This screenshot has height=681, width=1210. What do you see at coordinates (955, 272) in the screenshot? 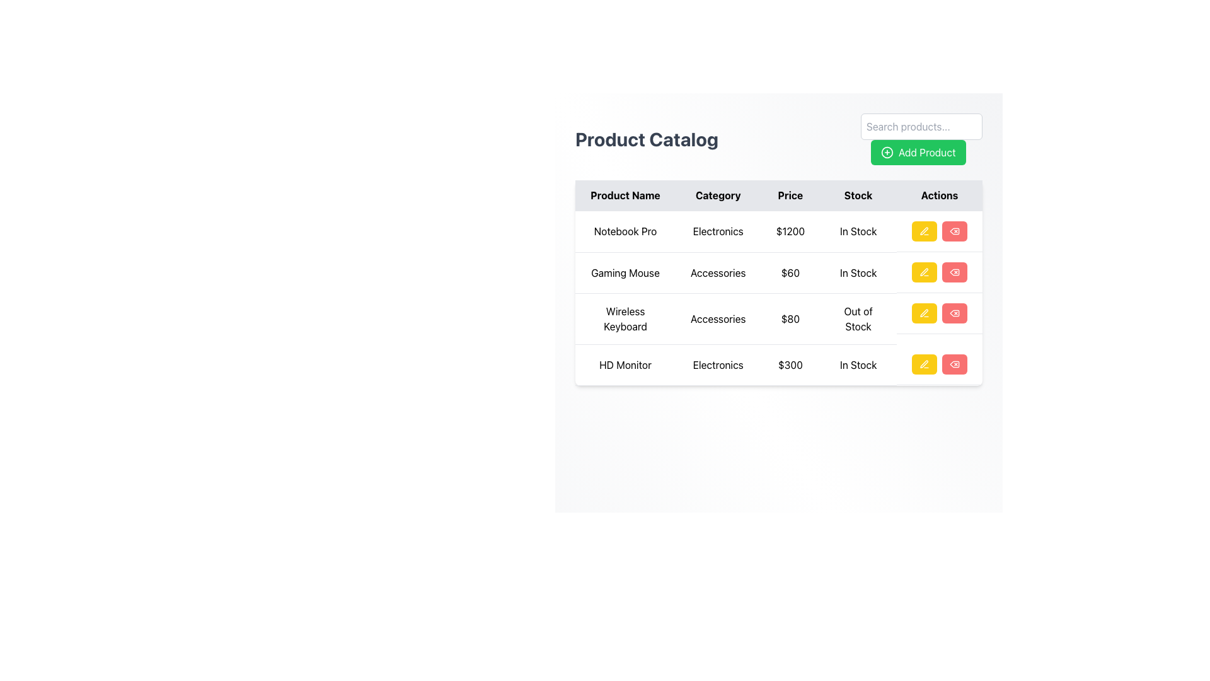
I see `the delete button located in the 'Actions' column of the second row of the table for 'Gaming Mouse'` at bounding box center [955, 272].